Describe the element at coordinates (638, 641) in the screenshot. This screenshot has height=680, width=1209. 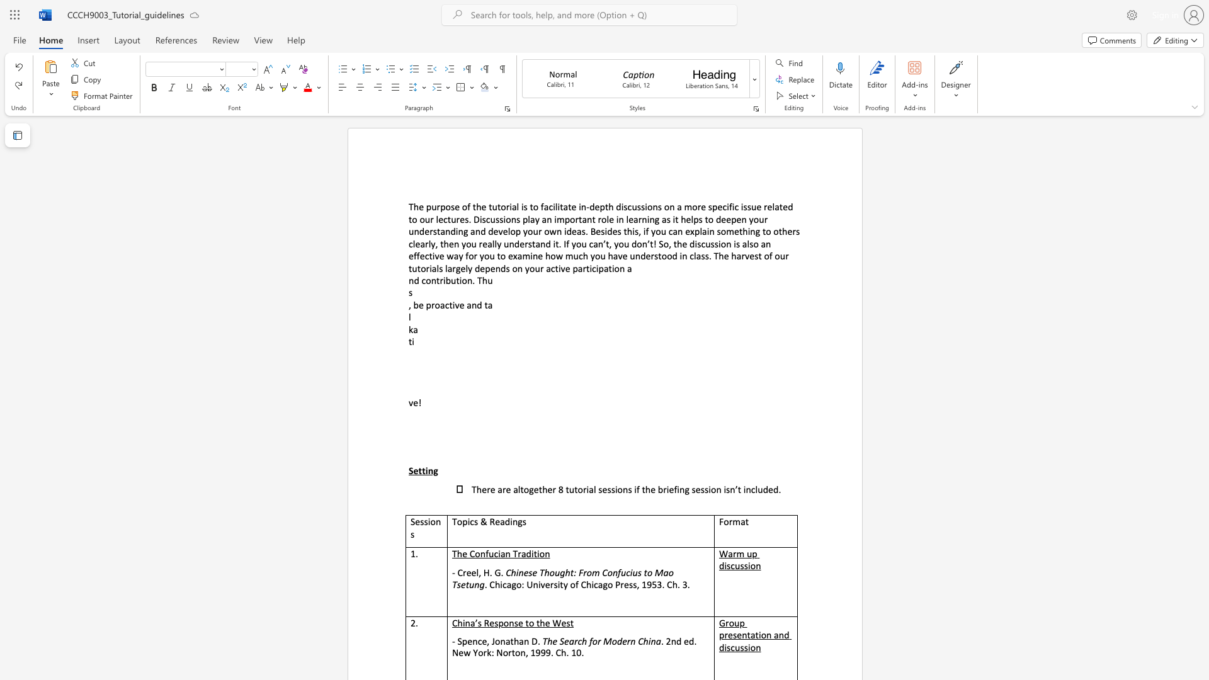
I see `the subset text "Ch" within the text "The Search for Modern China"` at that location.